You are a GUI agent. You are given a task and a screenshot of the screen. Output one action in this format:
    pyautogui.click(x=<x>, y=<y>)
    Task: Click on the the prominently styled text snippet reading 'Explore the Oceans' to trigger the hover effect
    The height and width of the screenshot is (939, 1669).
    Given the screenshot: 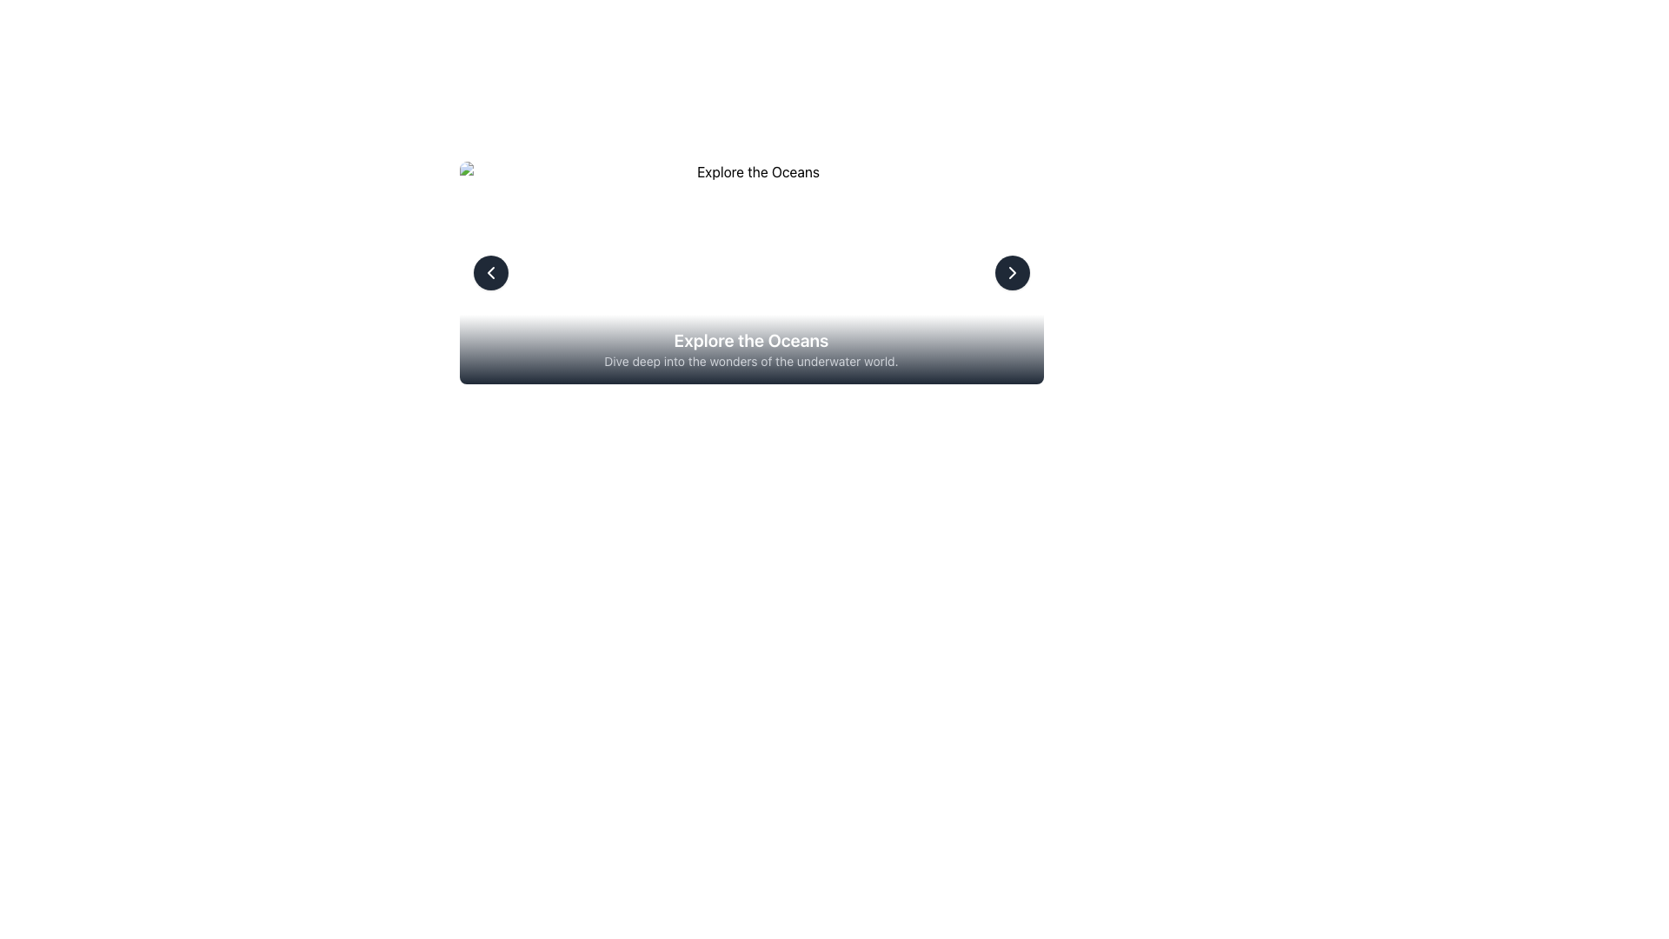 What is the action you would take?
    pyautogui.click(x=751, y=341)
    